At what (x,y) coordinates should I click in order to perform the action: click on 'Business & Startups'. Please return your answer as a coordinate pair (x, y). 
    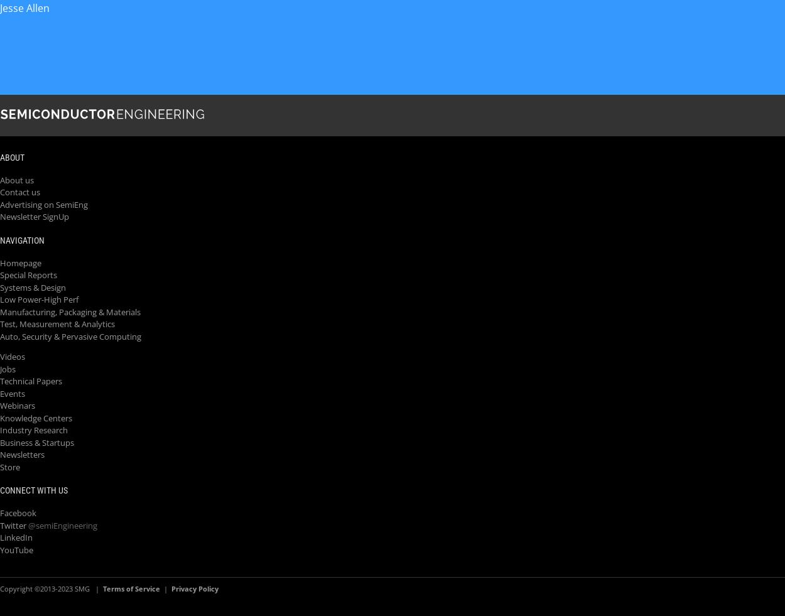
    Looking at the image, I should click on (37, 441).